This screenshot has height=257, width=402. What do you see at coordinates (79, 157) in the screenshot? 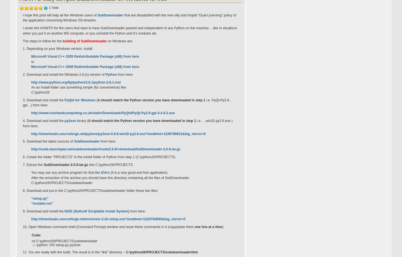
I see `'6. Create the folder “PROJECTS” in the install folder of Python from step 1 ('` at bounding box center [79, 157].